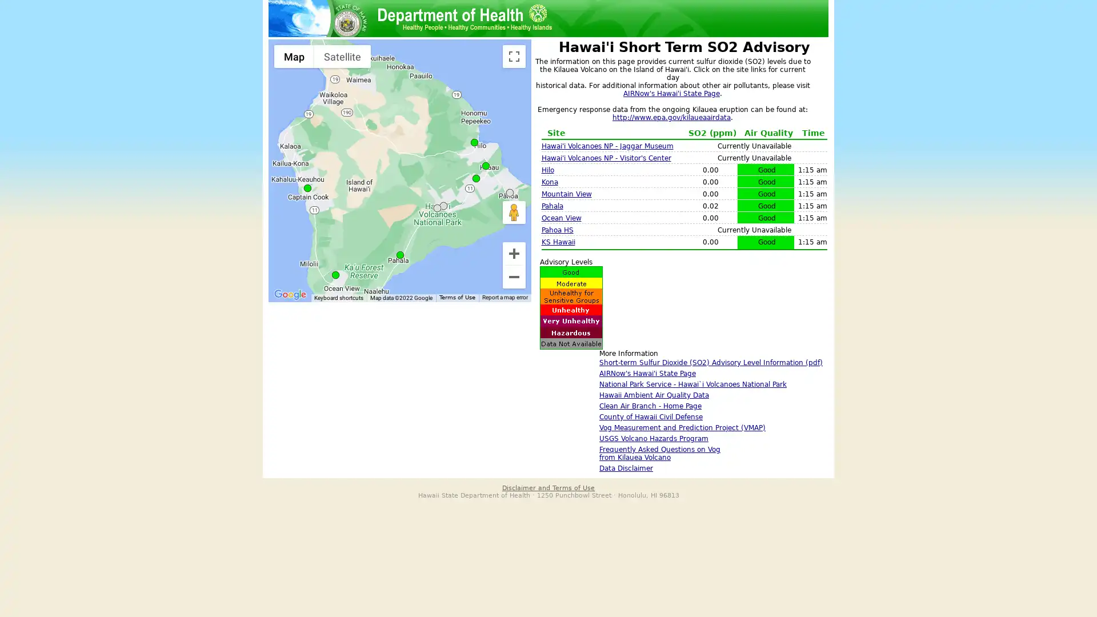 The image size is (1097, 617). What do you see at coordinates (307, 187) in the screenshot?
I see `Kona: SO2 0.00 ppm (Good) on 06/28 at 01:15 am` at bounding box center [307, 187].